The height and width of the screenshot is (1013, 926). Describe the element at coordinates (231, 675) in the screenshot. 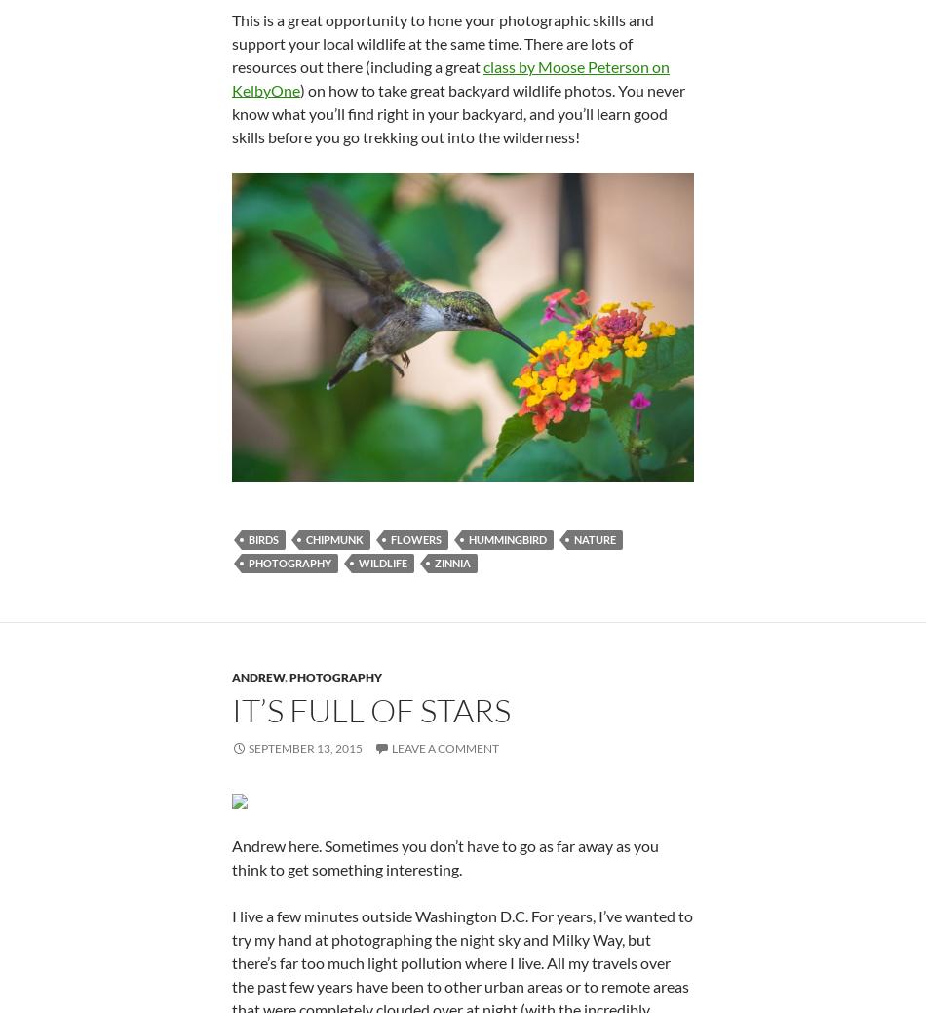

I see `'andrew'` at that location.